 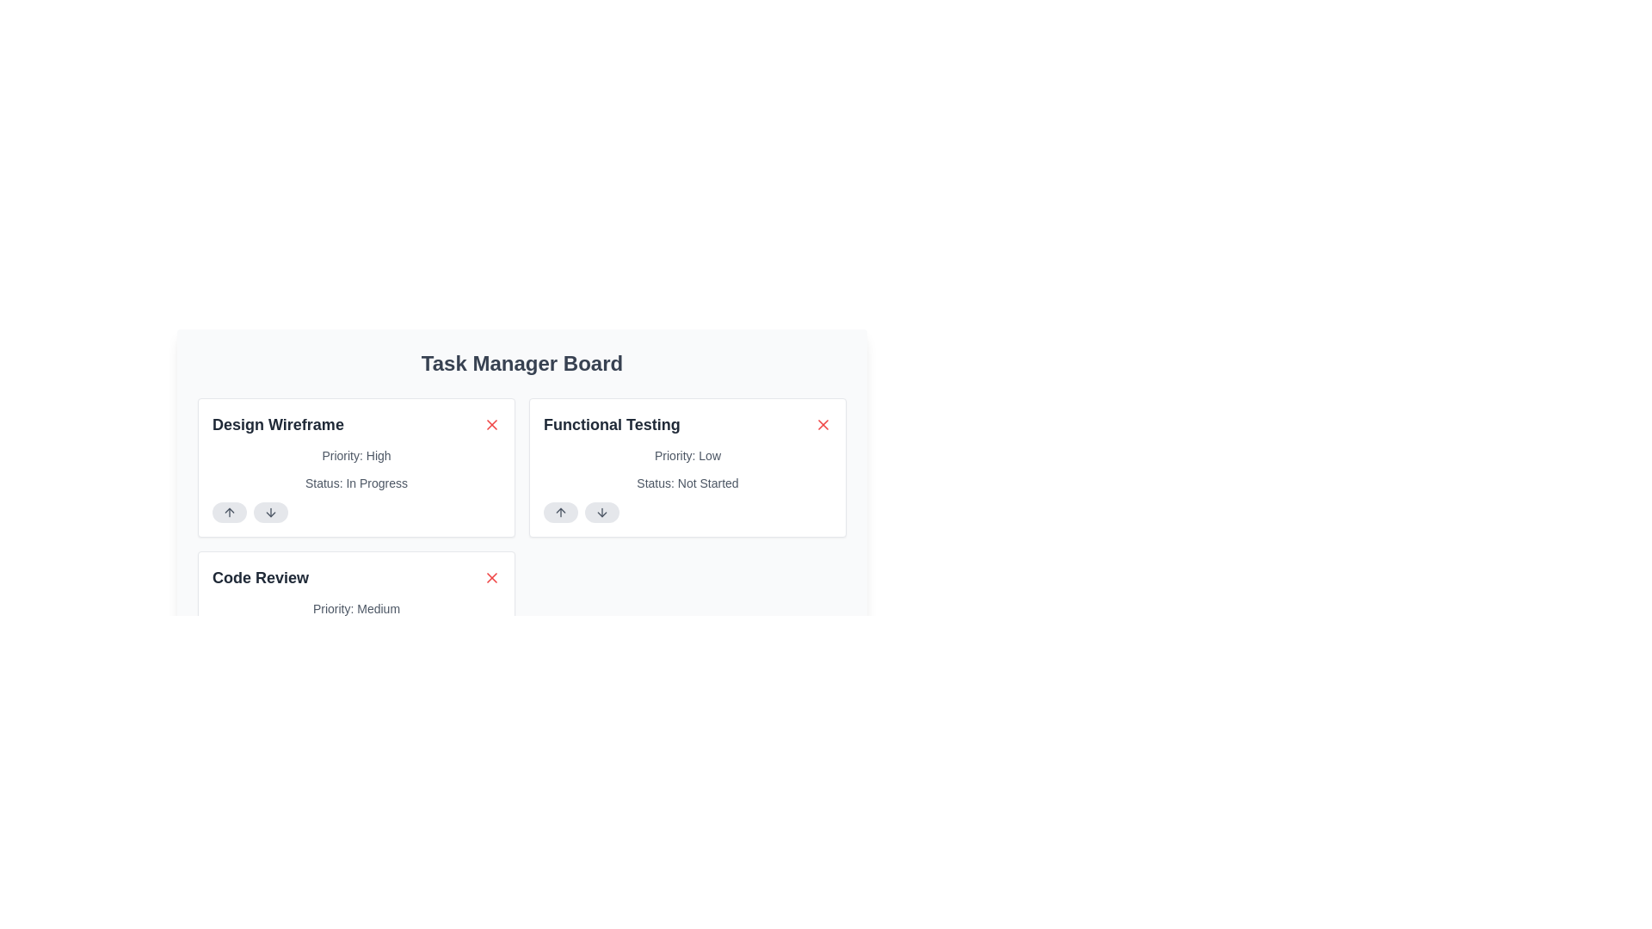 What do you see at coordinates (490, 577) in the screenshot?
I see `the delete button located in the 'Code Review' section, positioned to the far right of the header text 'Code Review'` at bounding box center [490, 577].